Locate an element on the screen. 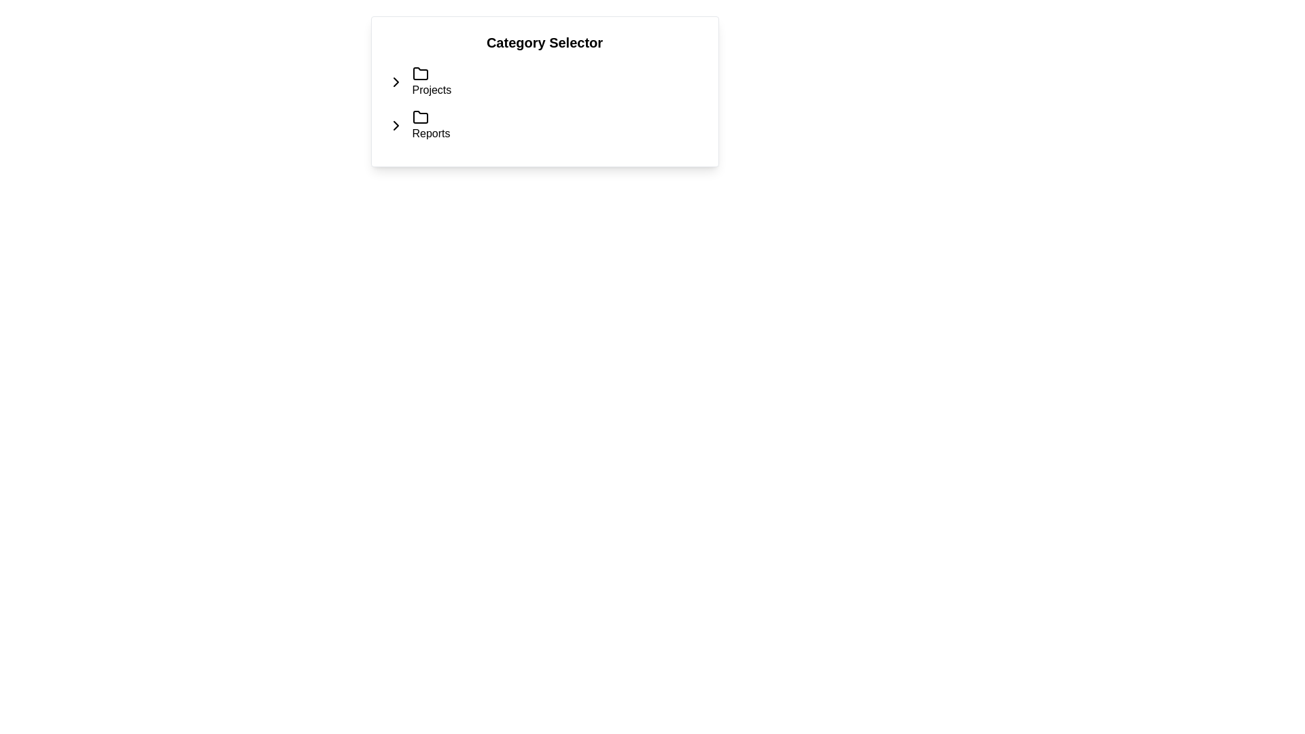  the small, rightward-pointing chevron arrow icon button located to the left of the 'Reports' text is located at coordinates (395, 126).